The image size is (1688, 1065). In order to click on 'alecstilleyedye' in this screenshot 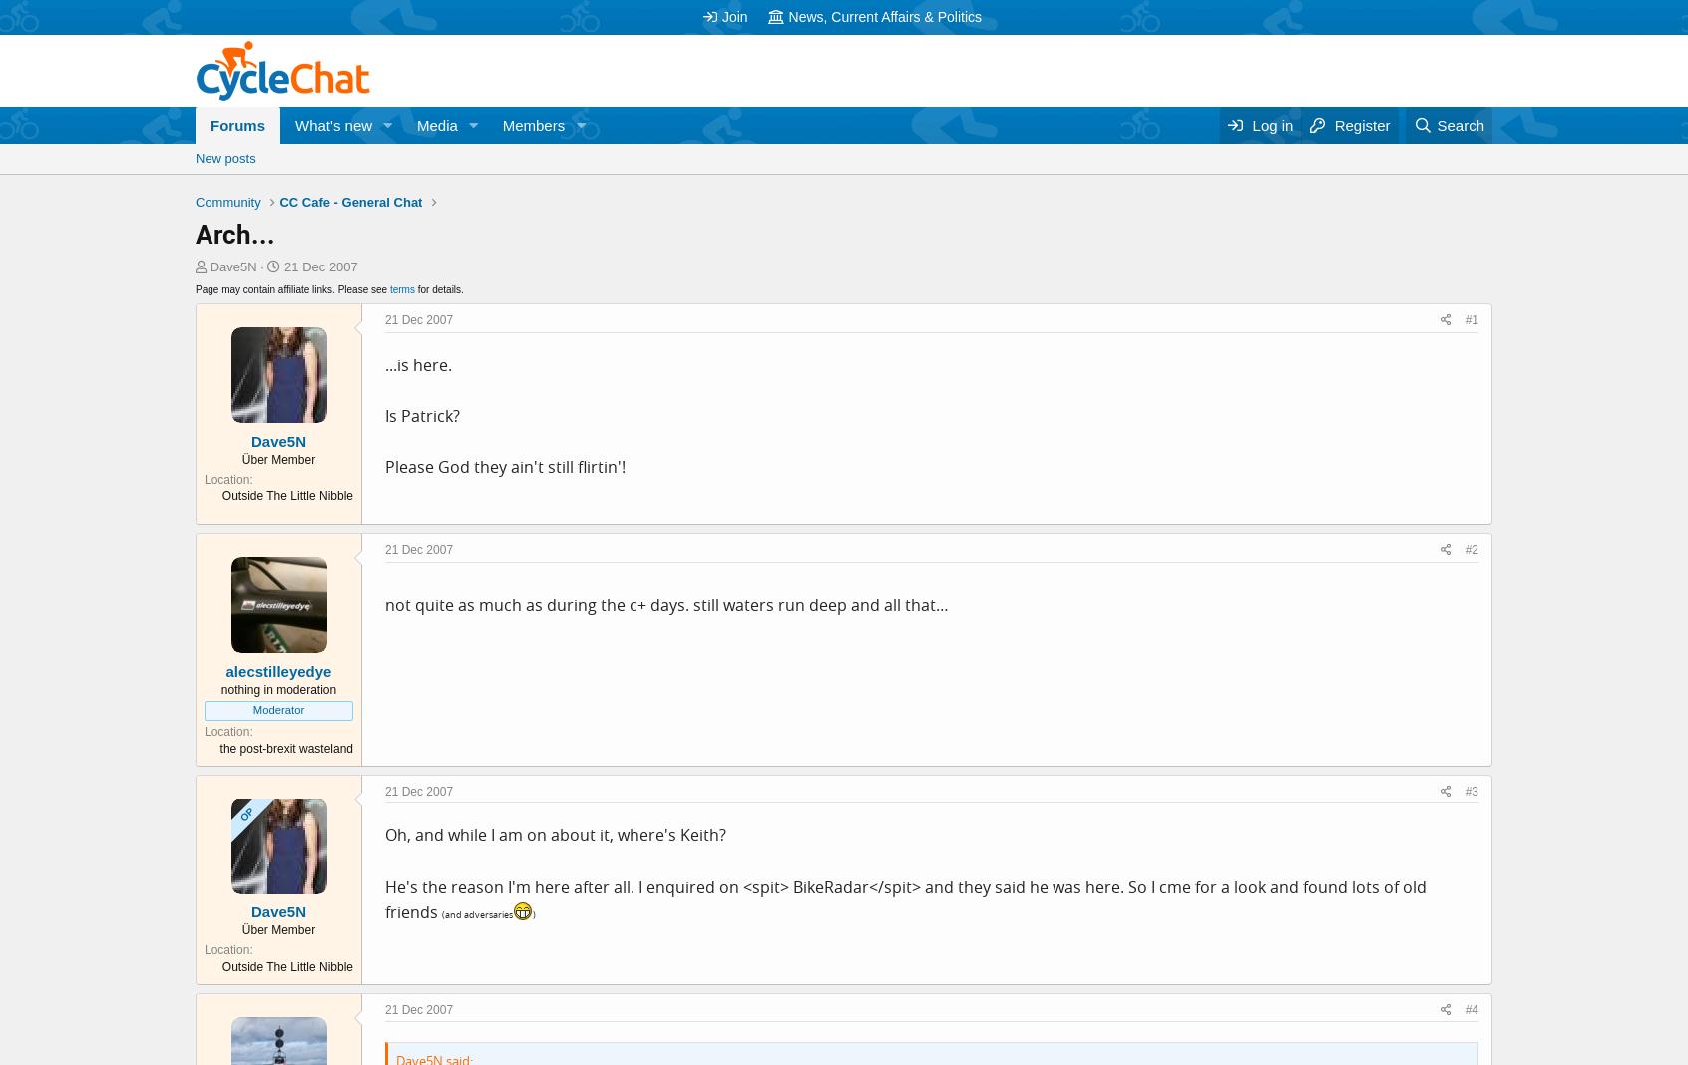, I will do `click(278, 670)`.